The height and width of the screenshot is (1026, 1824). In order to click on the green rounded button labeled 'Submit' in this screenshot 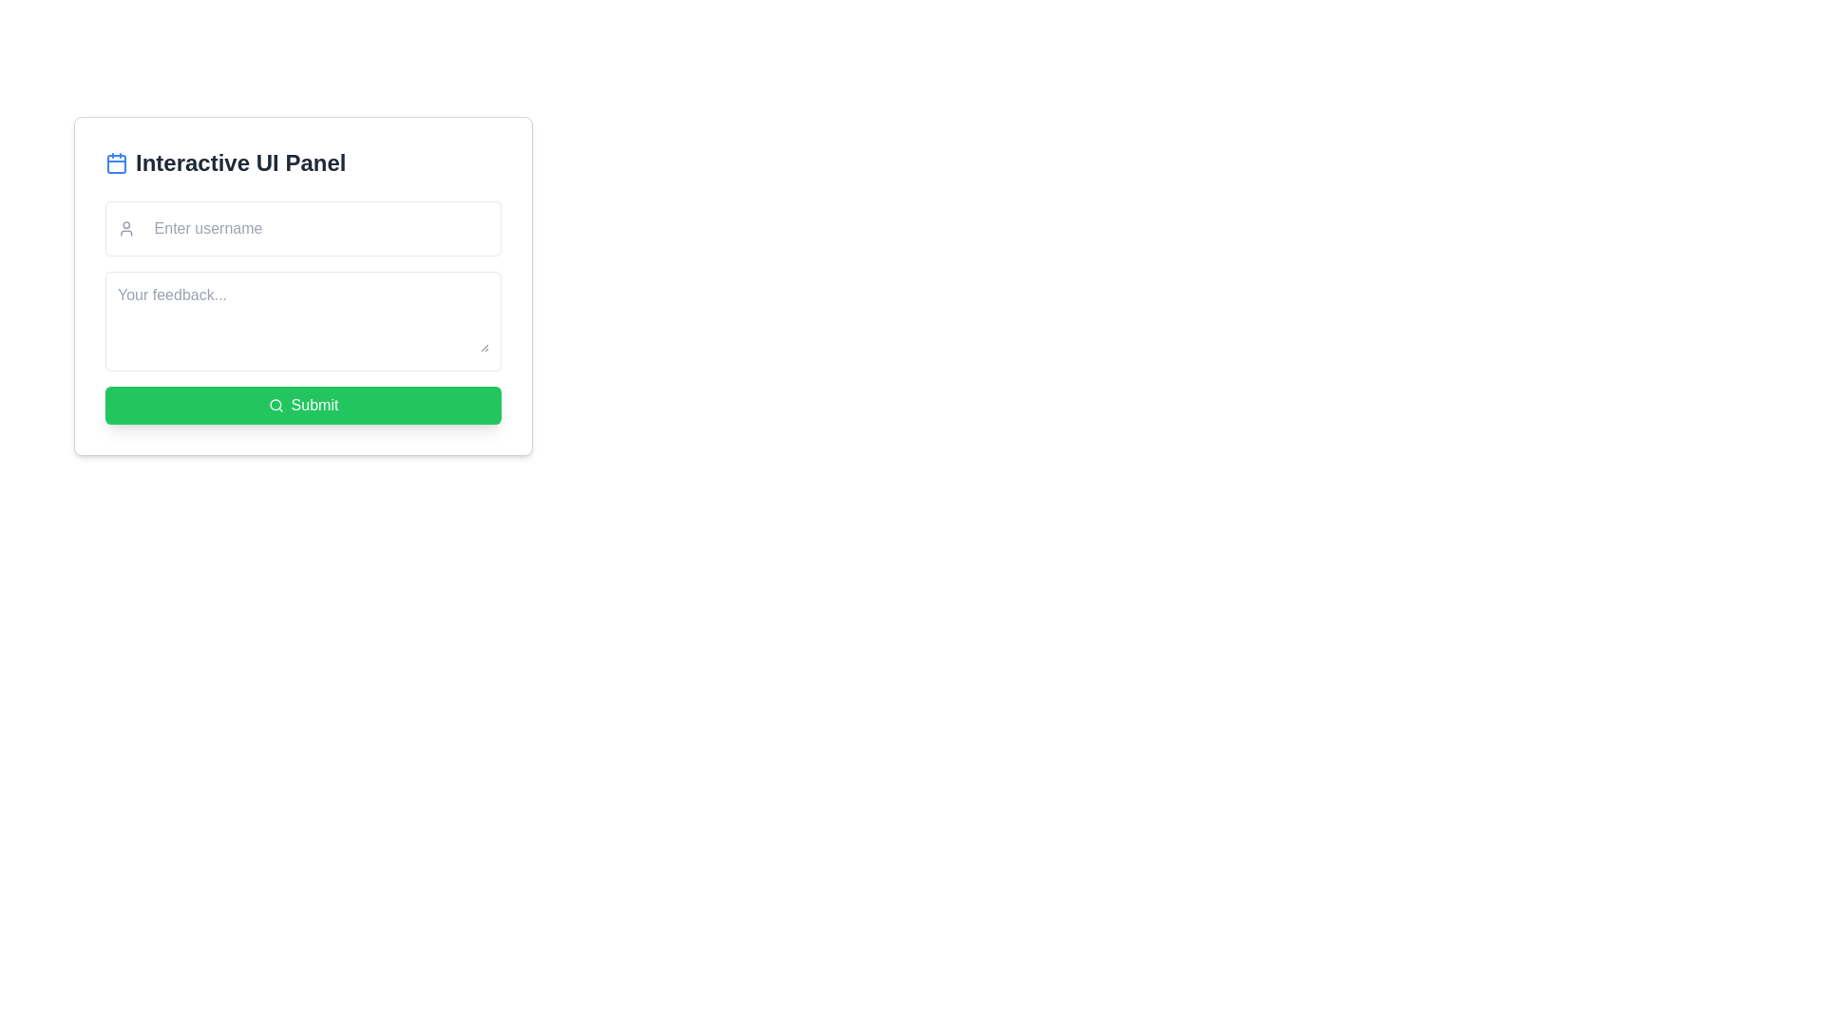, I will do `click(302, 405)`.